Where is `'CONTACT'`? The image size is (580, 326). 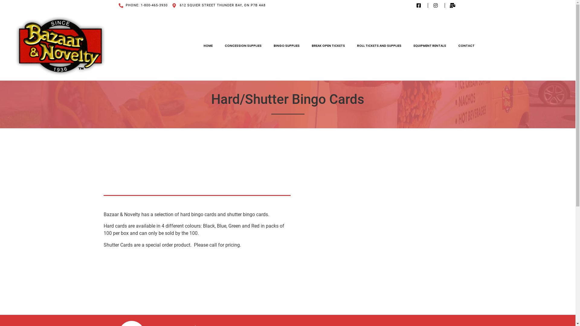 'CONTACT' is located at coordinates (452, 45).